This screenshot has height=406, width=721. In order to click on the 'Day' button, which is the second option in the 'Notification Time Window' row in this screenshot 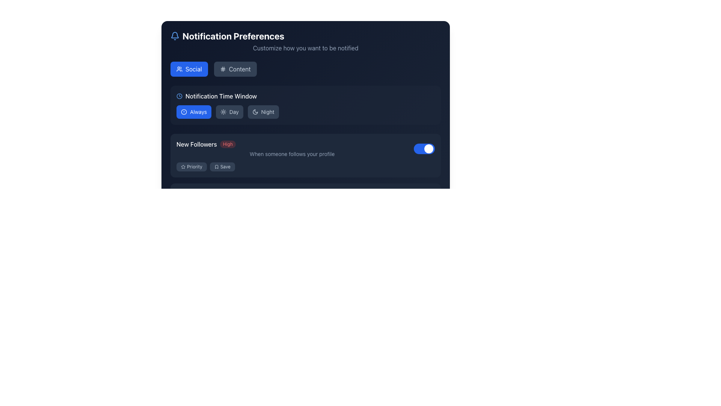, I will do `click(229, 112)`.